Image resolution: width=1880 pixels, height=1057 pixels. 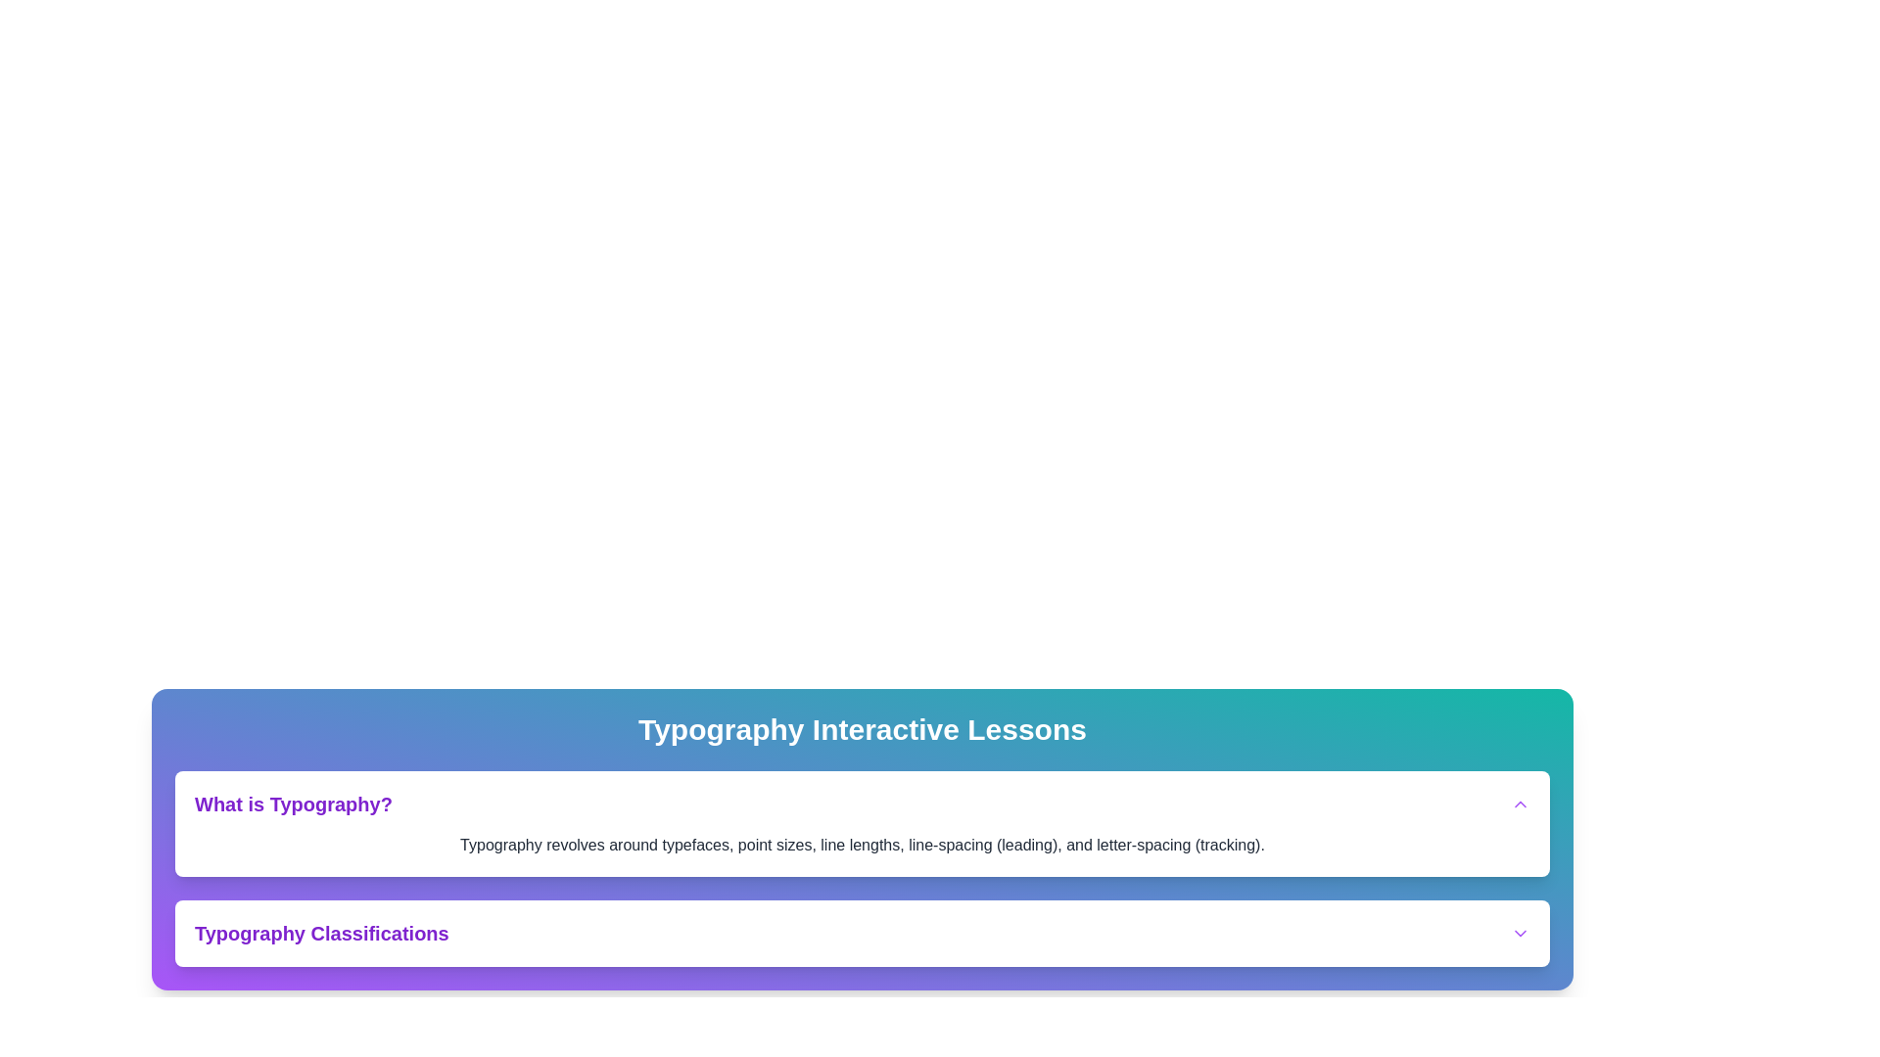 What do you see at coordinates (862, 845) in the screenshot?
I see `text in the paragraph styled with smaller, gray-colored text located directly below the heading 'What is Typography?' in the UI` at bounding box center [862, 845].